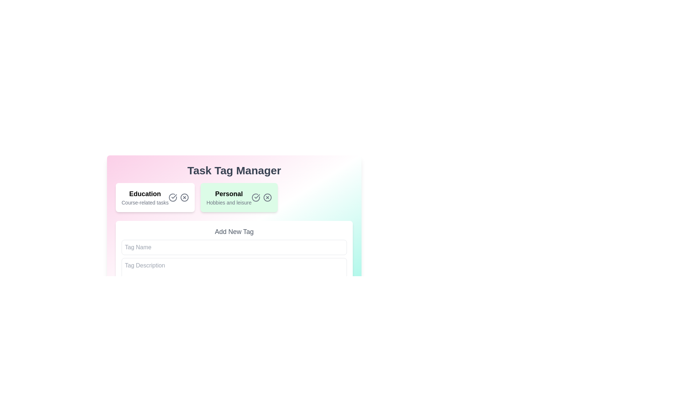  I want to click on the circular delete/remove icon with a cross at its center, located to the right of the 'Personal' tag block with a green background, so click(185, 198).